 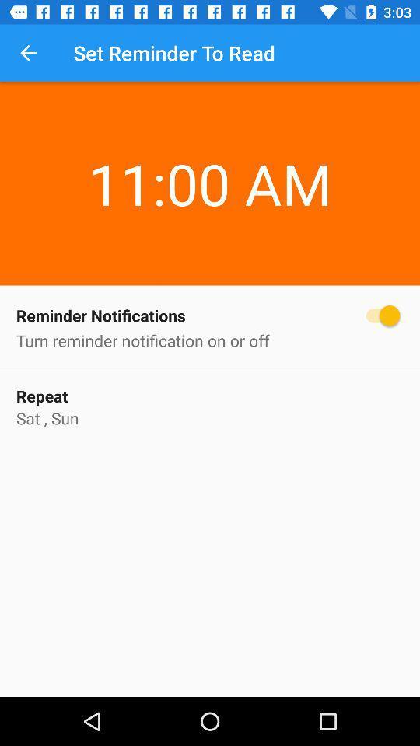 I want to click on item at the top left corner, so click(x=28, y=53).